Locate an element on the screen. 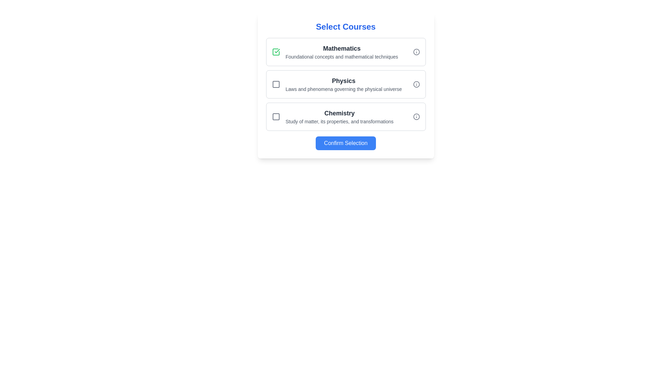 The height and width of the screenshot is (372, 661). the bold-styled text label displaying 'Physics' located in the center of the second course selection card is located at coordinates (344, 81).